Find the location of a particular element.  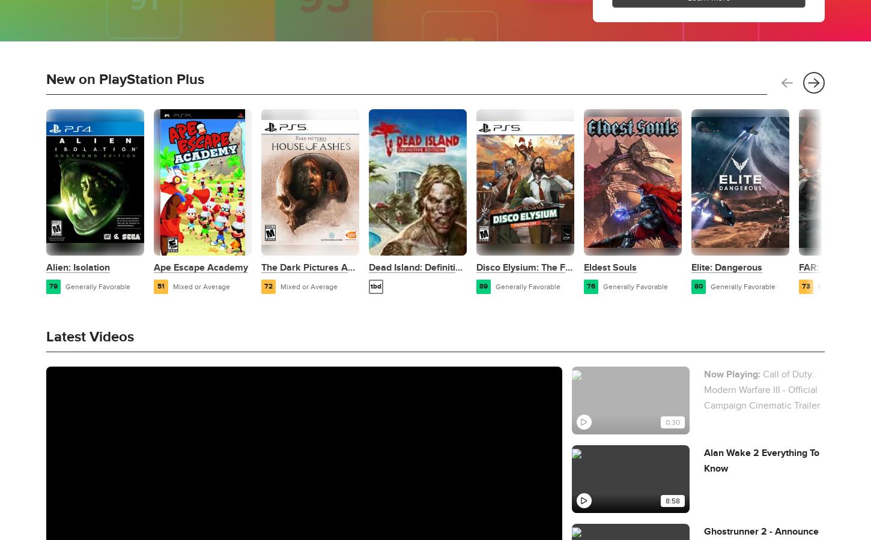

'80' is located at coordinates (698, 286).